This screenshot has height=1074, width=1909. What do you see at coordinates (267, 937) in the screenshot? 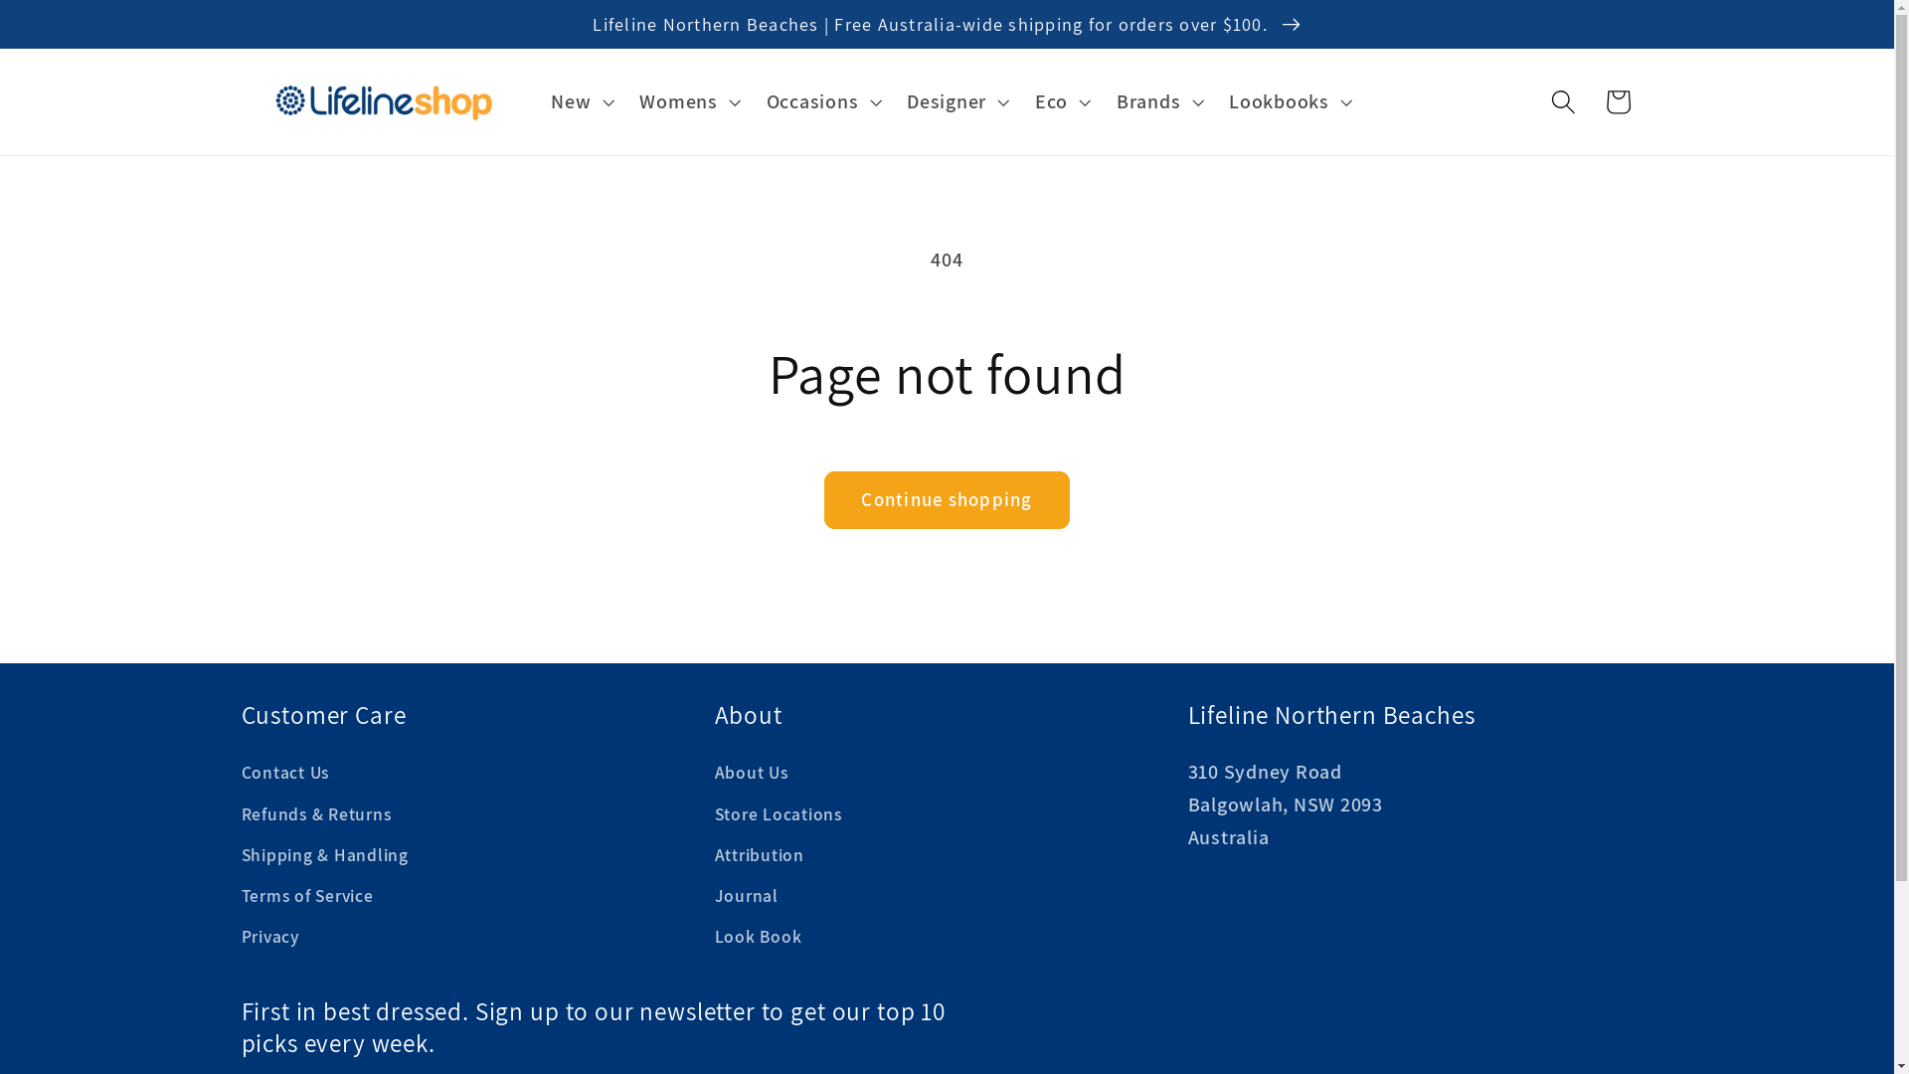
I see `'Privacy'` at bounding box center [267, 937].